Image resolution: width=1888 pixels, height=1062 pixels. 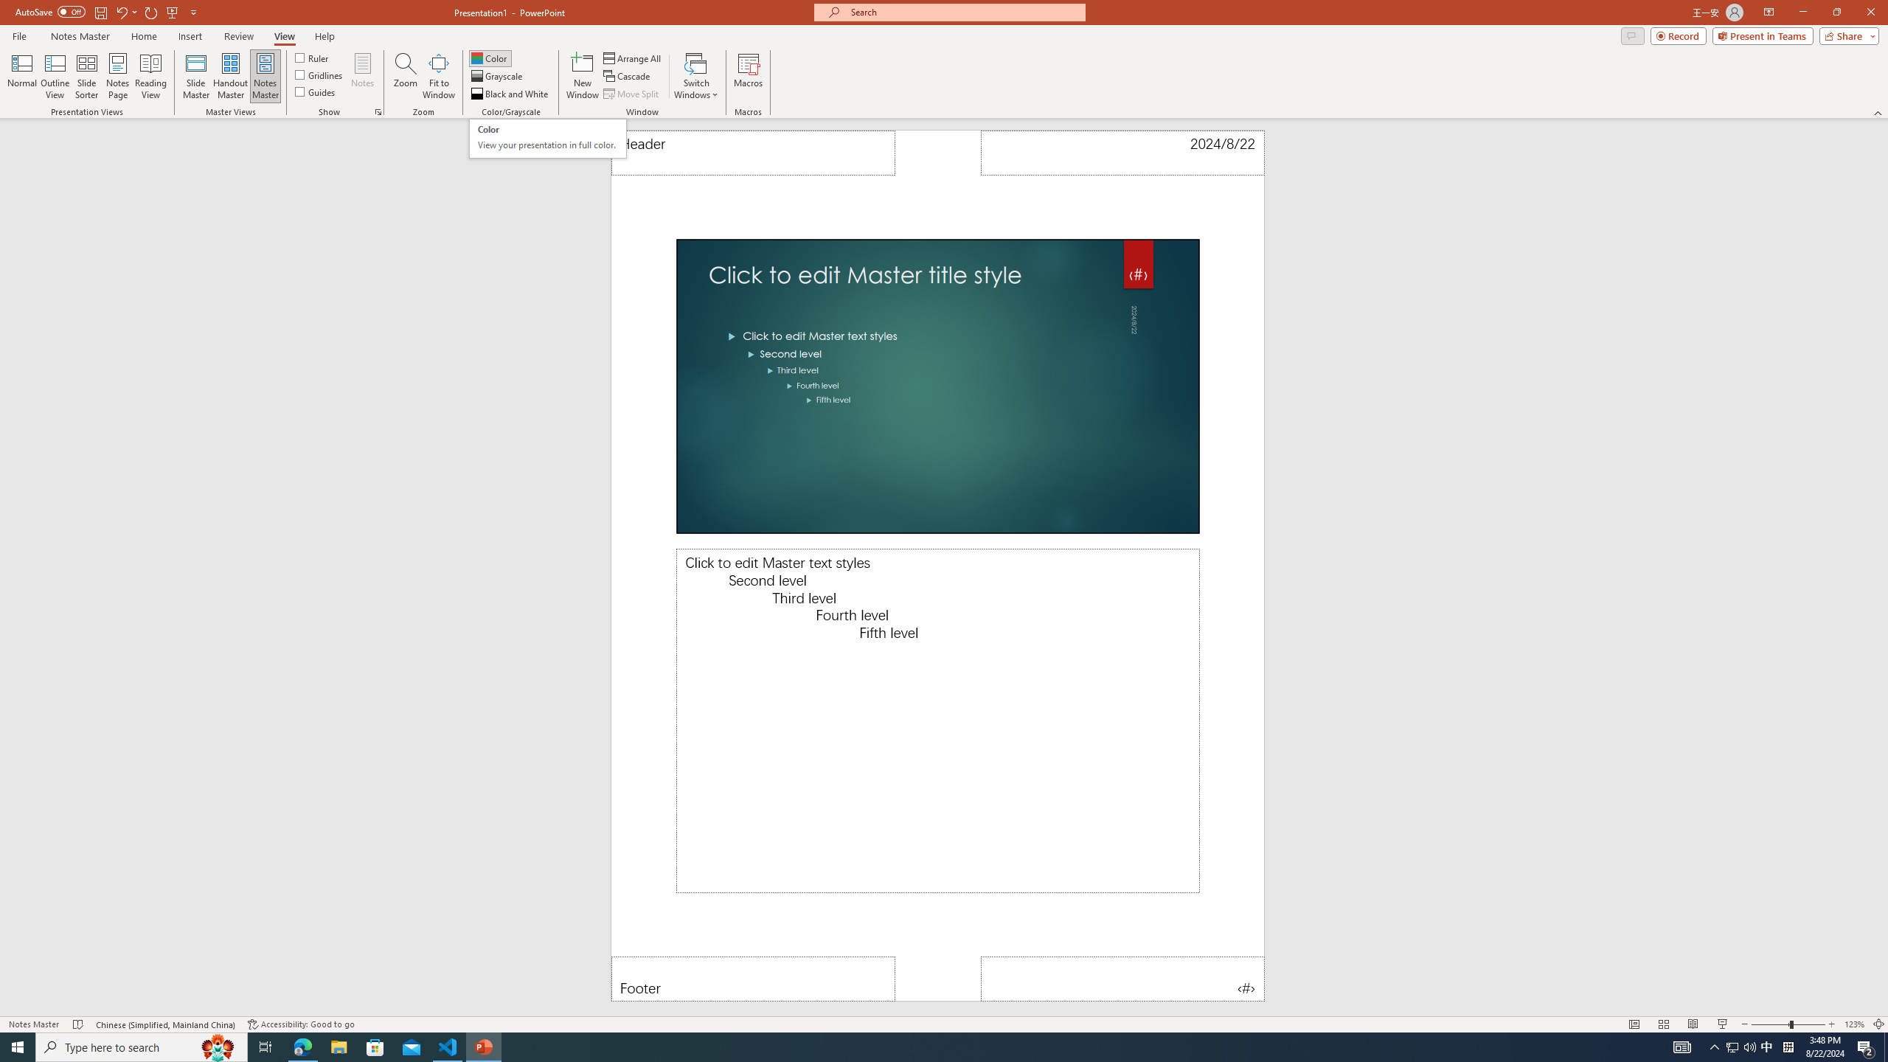 I want to click on 'Grid Settings...', so click(x=378, y=111).